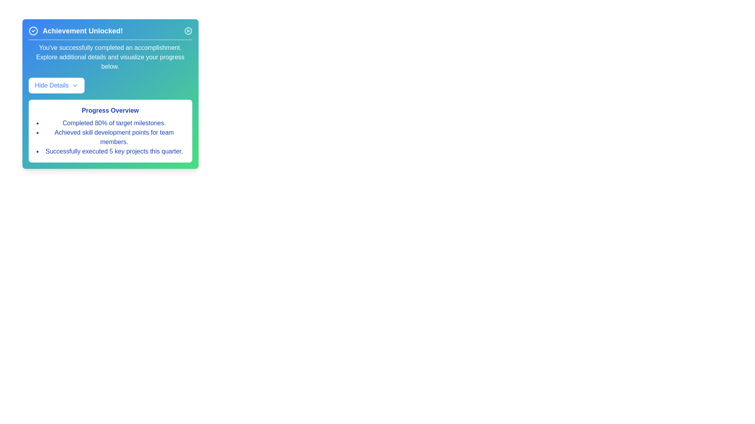 This screenshot has width=755, height=424. I want to click on the 'Hide Details' button to toggle the visibility of the additional details section, so click(56, 86).